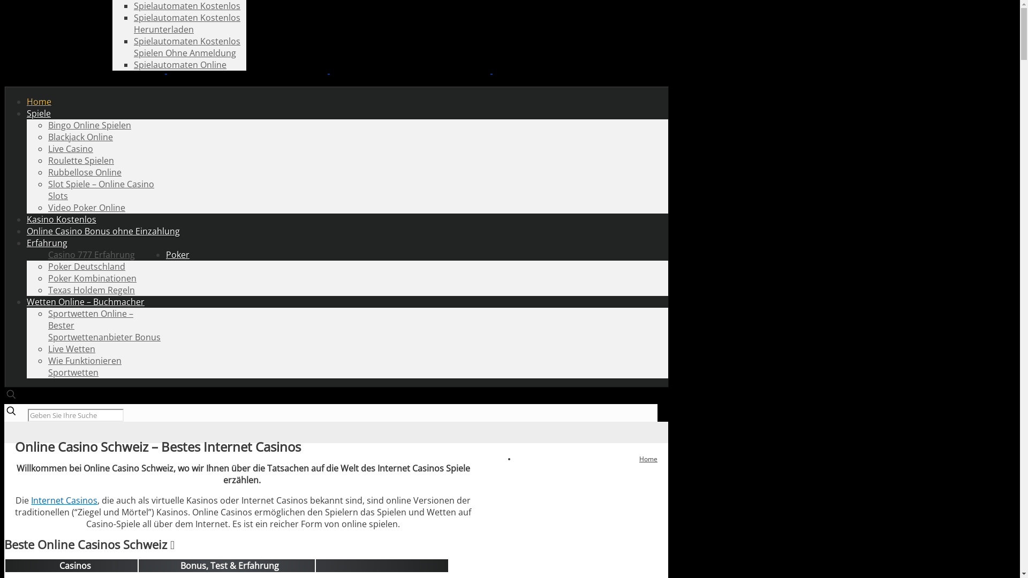 Image resolution: width=1028 pixels, height=578 pixels. What do you see at coordinates (84, 171) in the screenshot?
I see `'Rubbellose Online'` at bounding box center [84, 171].